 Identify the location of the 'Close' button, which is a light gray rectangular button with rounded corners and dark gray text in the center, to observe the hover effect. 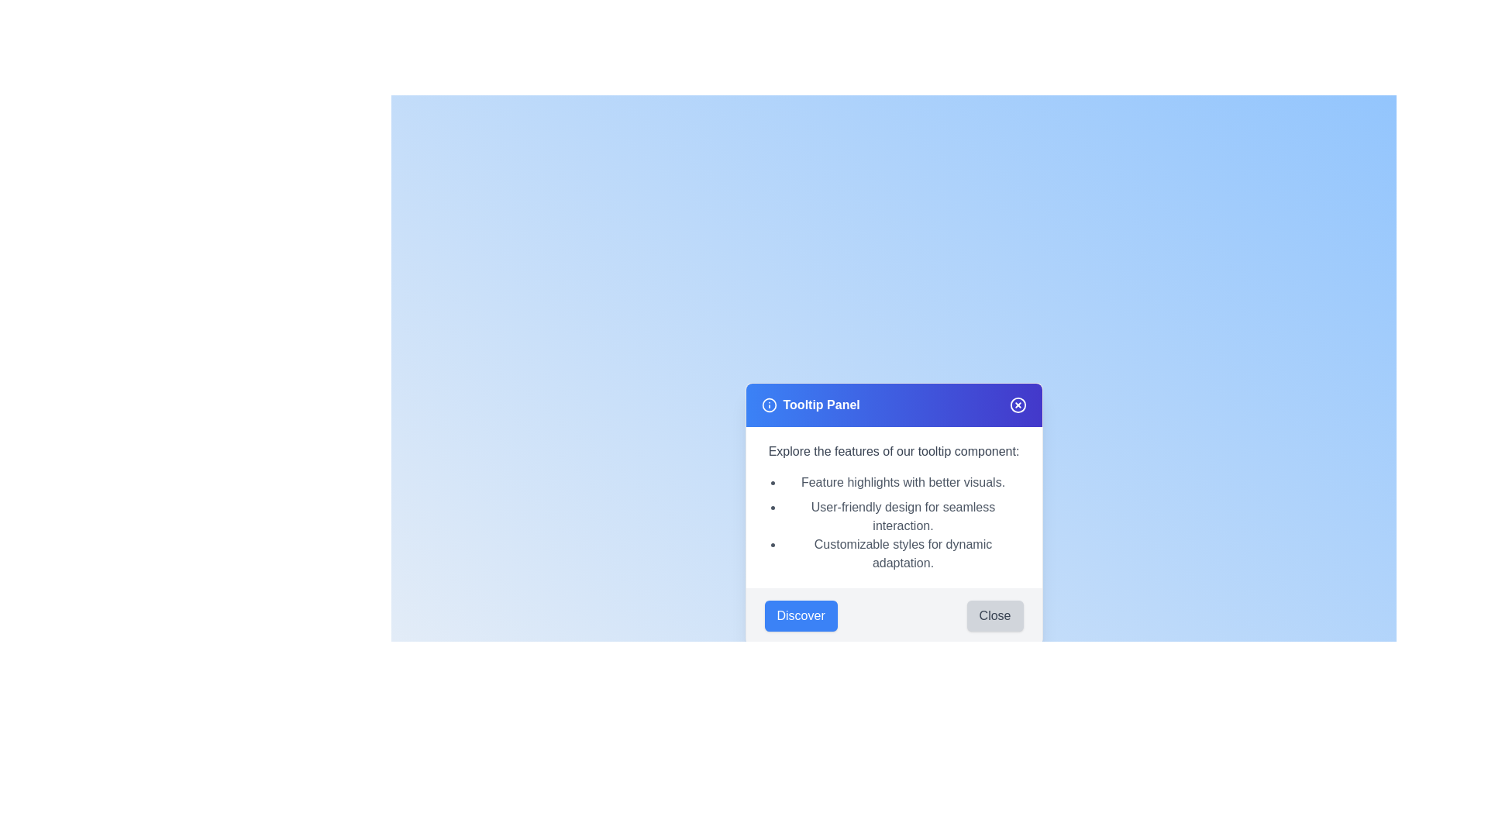
(995, 615).